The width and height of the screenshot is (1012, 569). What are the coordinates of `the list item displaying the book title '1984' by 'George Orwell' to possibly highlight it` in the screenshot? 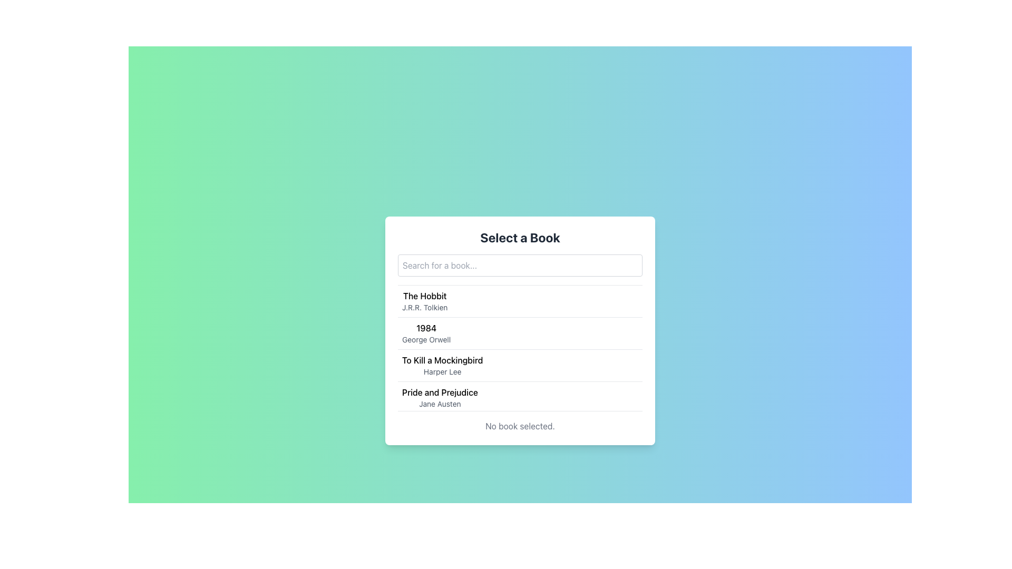 It's located at (520, 333).